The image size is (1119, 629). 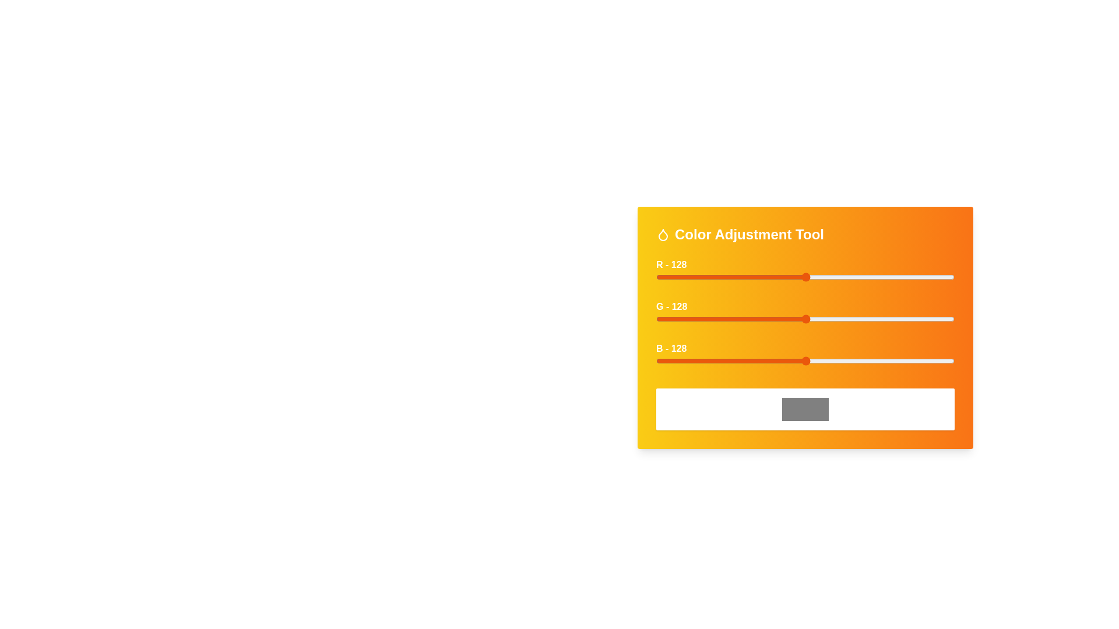 I want to click on the red slider to 250, so click(x=948, y=277).